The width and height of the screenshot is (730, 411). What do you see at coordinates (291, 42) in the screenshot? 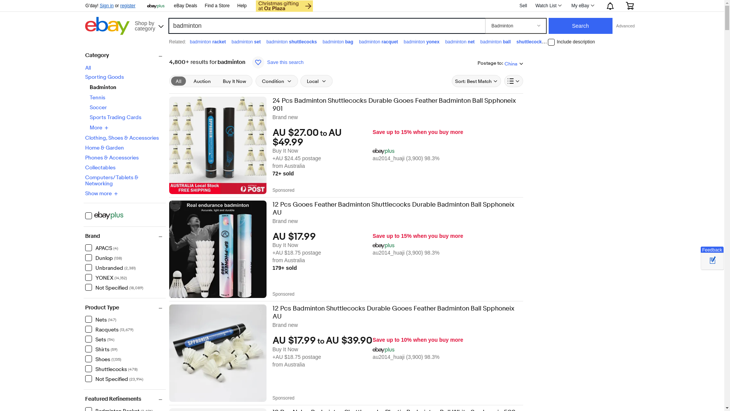
I see `'badminton shuttlecocks'` at bounding box center [291, 42].